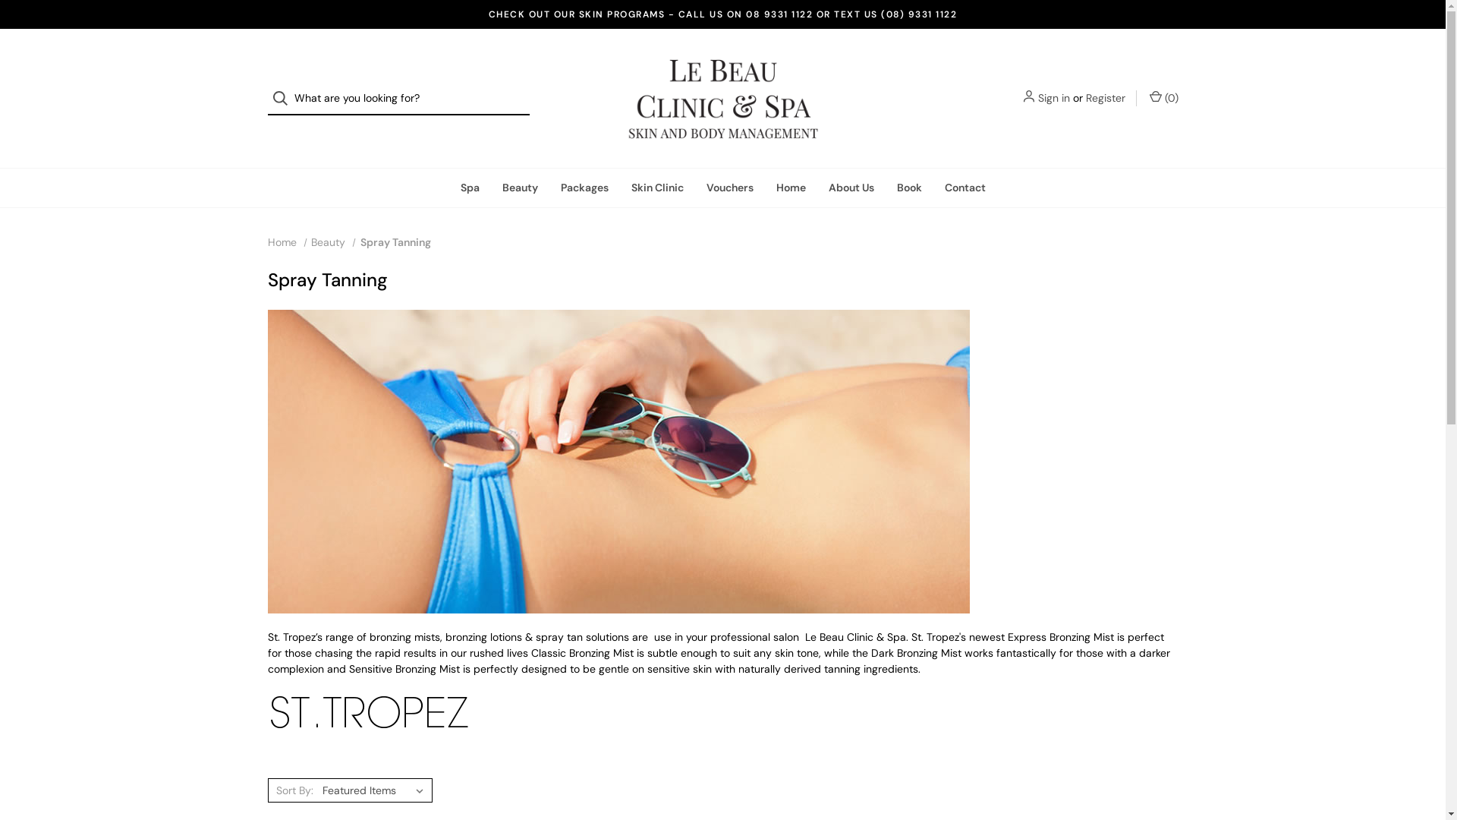 The height and width of the screenshot is (820, 1457). I want to click on 'Vouchers', so click(729, 187).